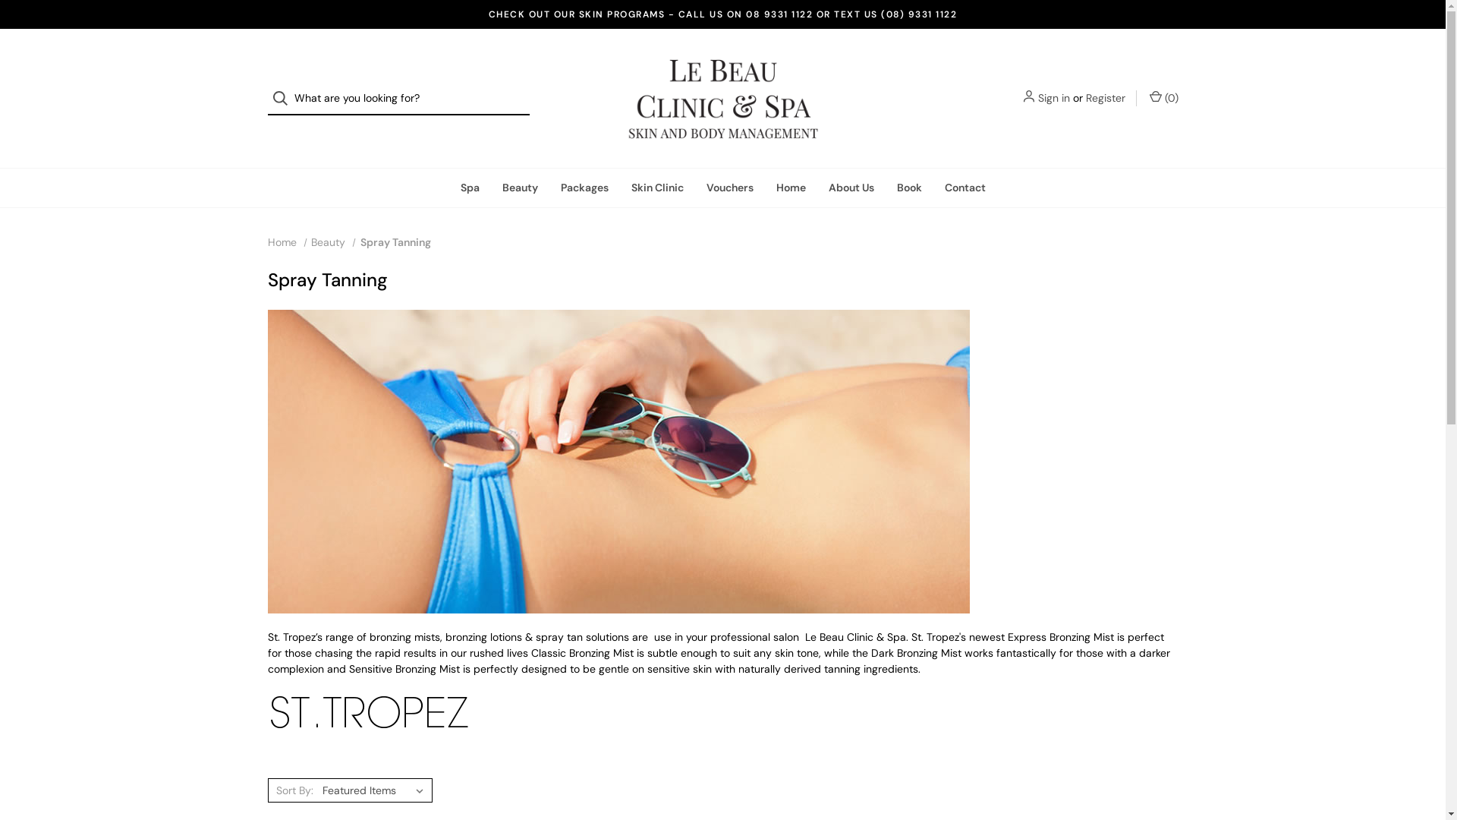 The height and width of the screenshot is (820, 1457). I want to click on 'Vouchers', so click(729, 187).